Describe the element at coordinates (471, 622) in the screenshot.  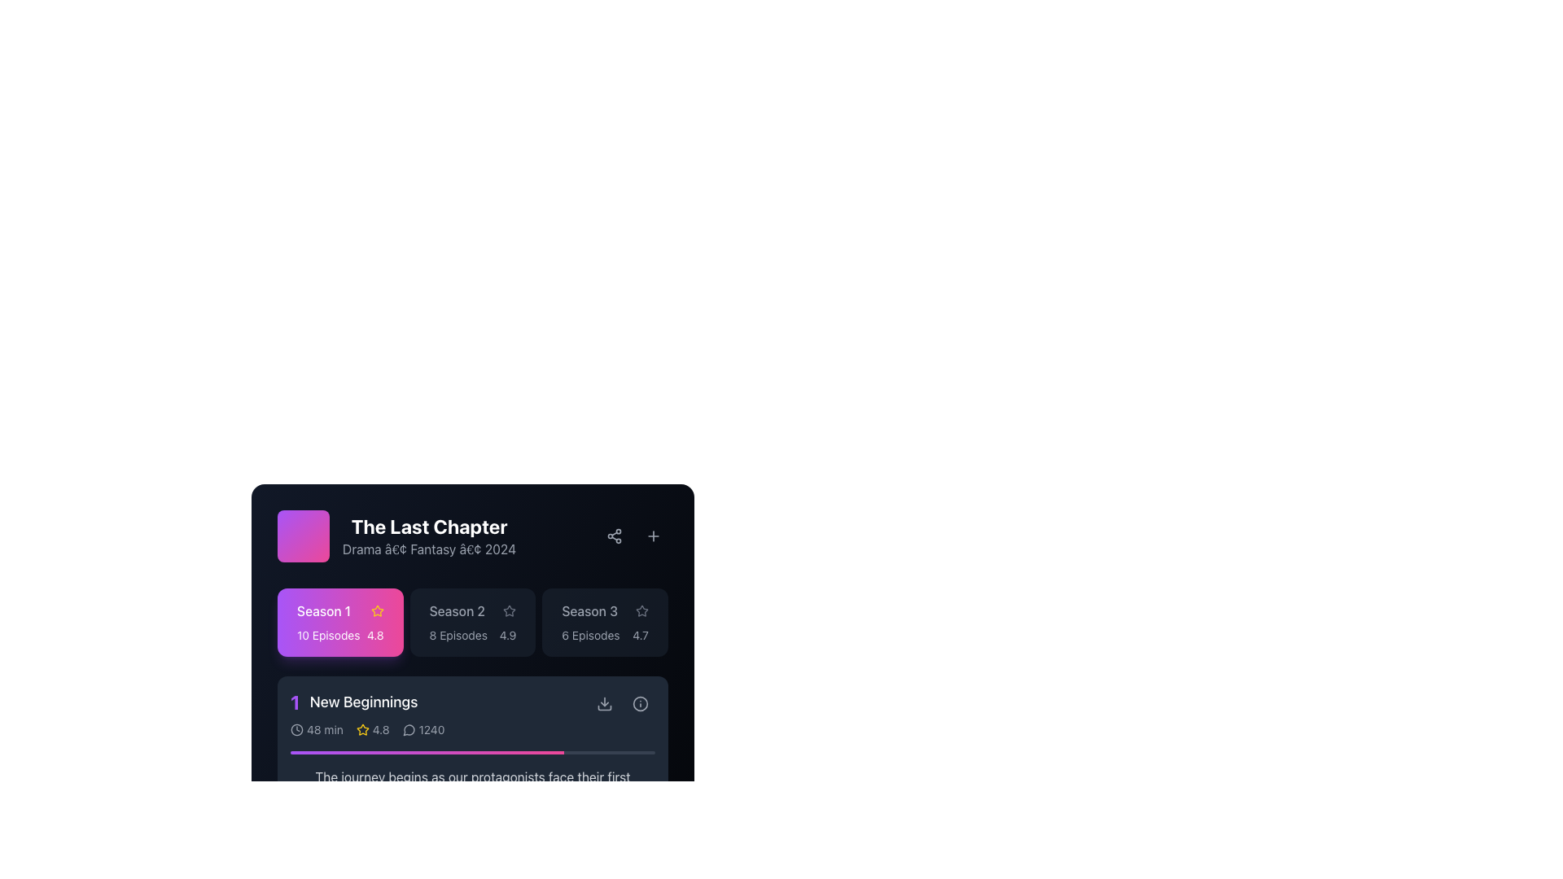
I see `the middle button labeled 'Season 2'` at that location.